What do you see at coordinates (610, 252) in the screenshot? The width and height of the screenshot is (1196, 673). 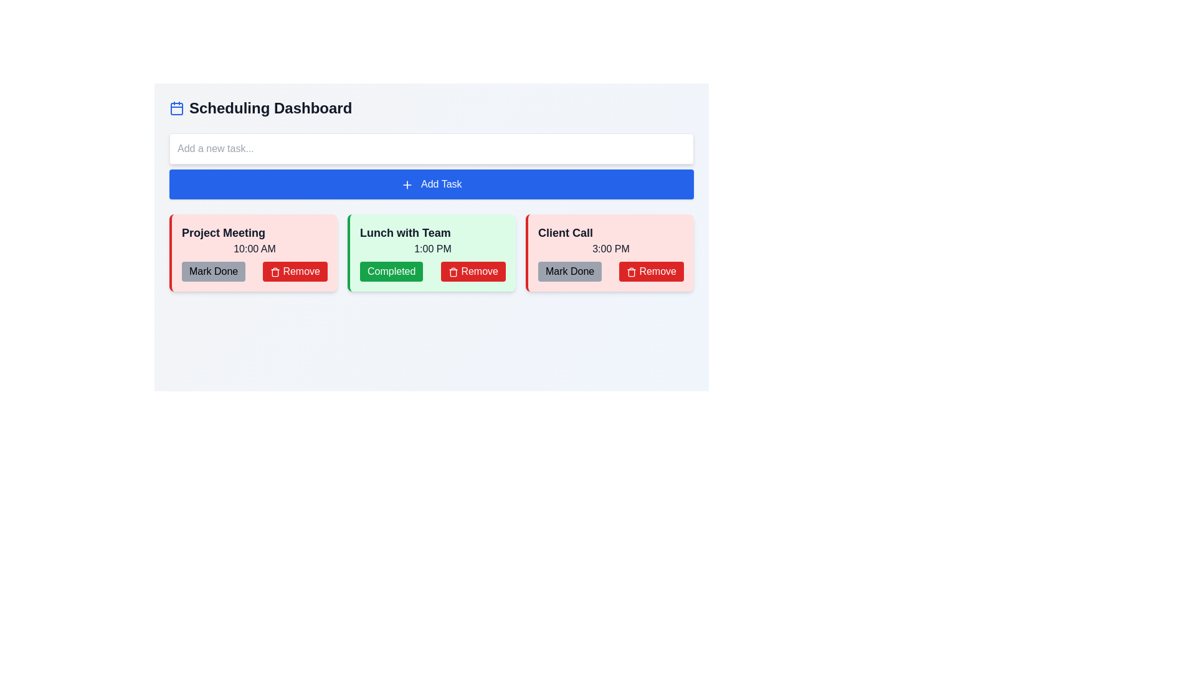 I see `the Card UI element titled 'Client Call' which is located at the bottom right corner of the grid layout, featuring a light red background and a red left border` at bounding box center [610, 252].